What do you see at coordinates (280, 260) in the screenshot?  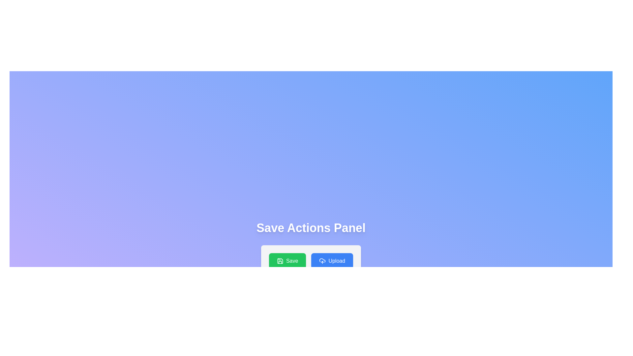 I see `the 'Save' icon located within the green button at the bottom left of the 'Save Actions Panel'` at bounding box center [280, 260].